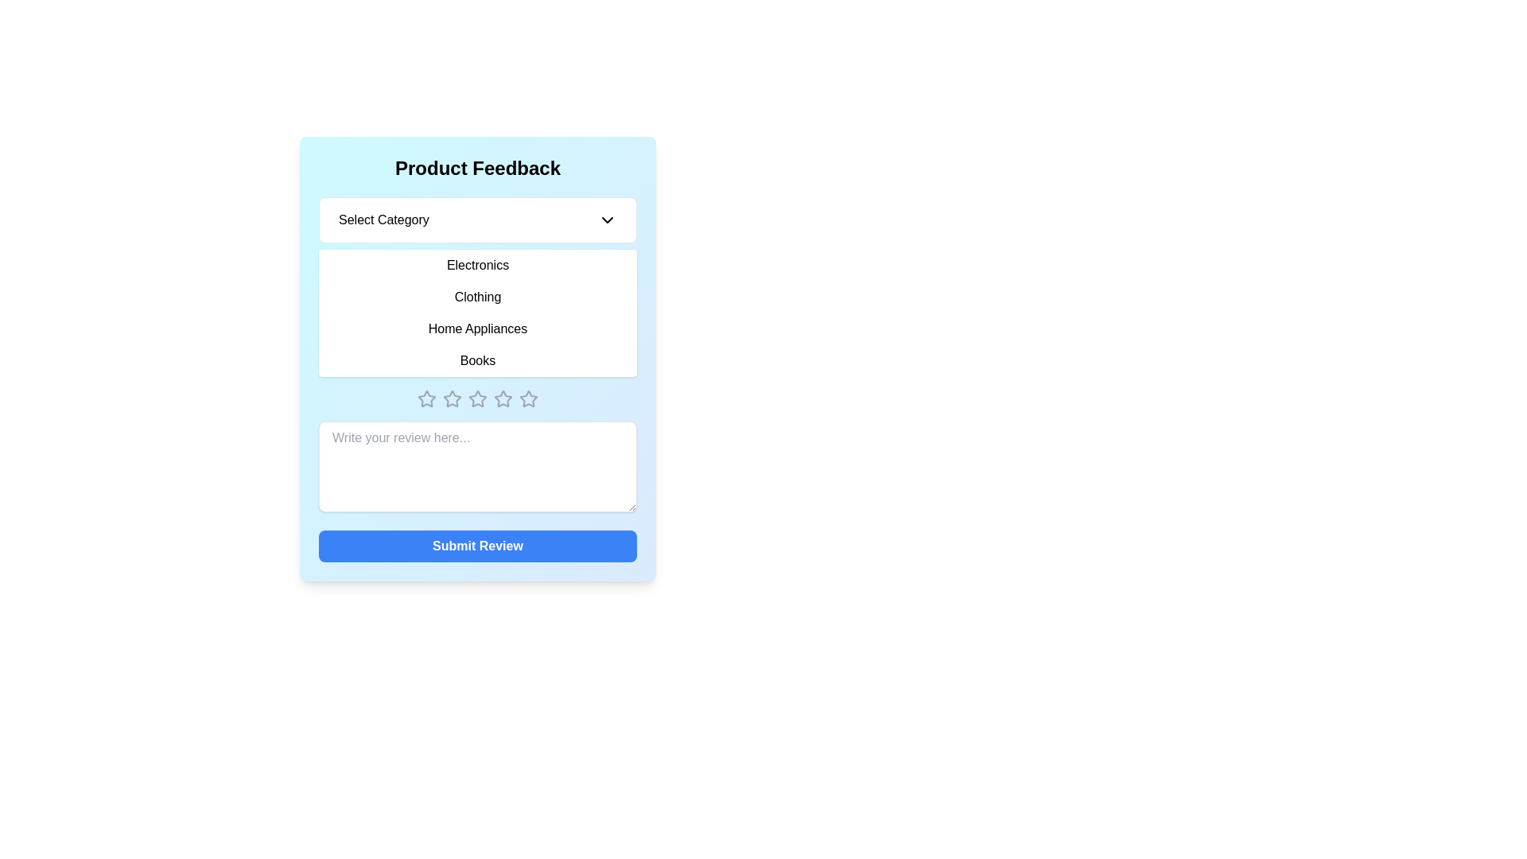  I want to click on the fifth star-shaped rating icon, which is outlined in gray and styled as a hollow figure, so click(529, 398).